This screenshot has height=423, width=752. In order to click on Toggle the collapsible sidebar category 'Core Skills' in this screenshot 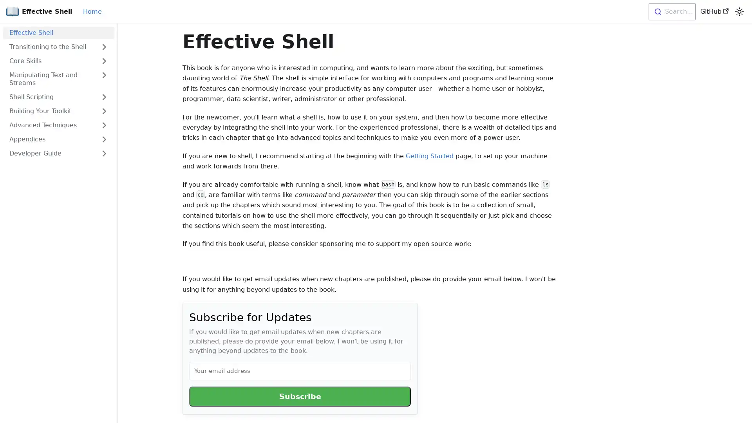, I will do `click(103, 60)`.